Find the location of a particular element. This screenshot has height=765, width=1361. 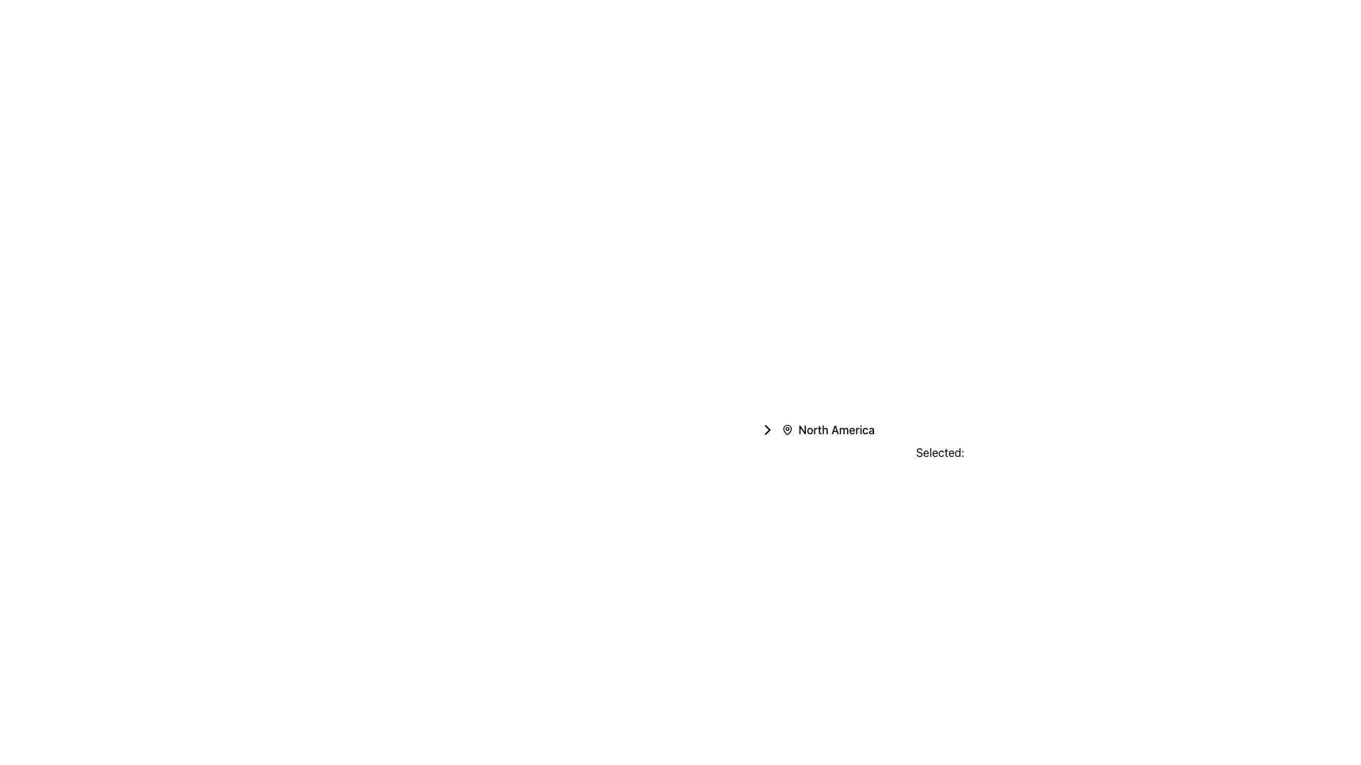

the rightward chevron arrow icon which is styled as a minimalist outlined button, located on the right side of the UI component is located at coordinates (766, 429).